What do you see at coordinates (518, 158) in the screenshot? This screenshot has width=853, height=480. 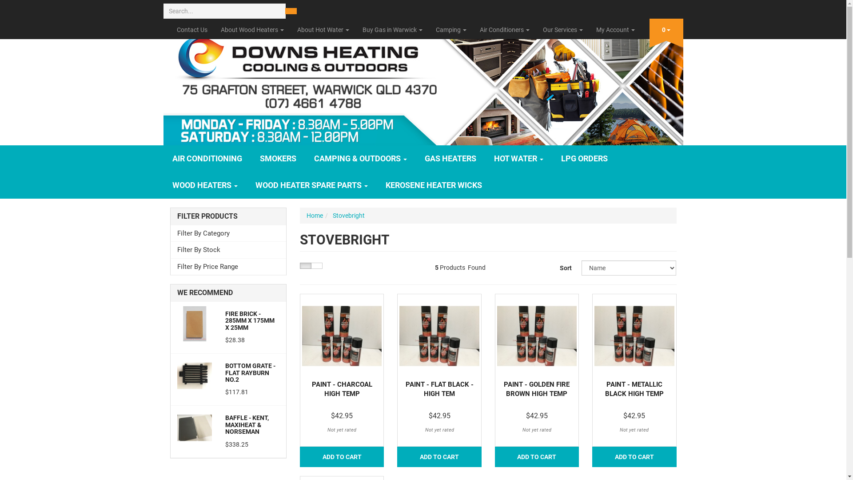 I see `'HOT WATER'` at bounding box center [518, 158].